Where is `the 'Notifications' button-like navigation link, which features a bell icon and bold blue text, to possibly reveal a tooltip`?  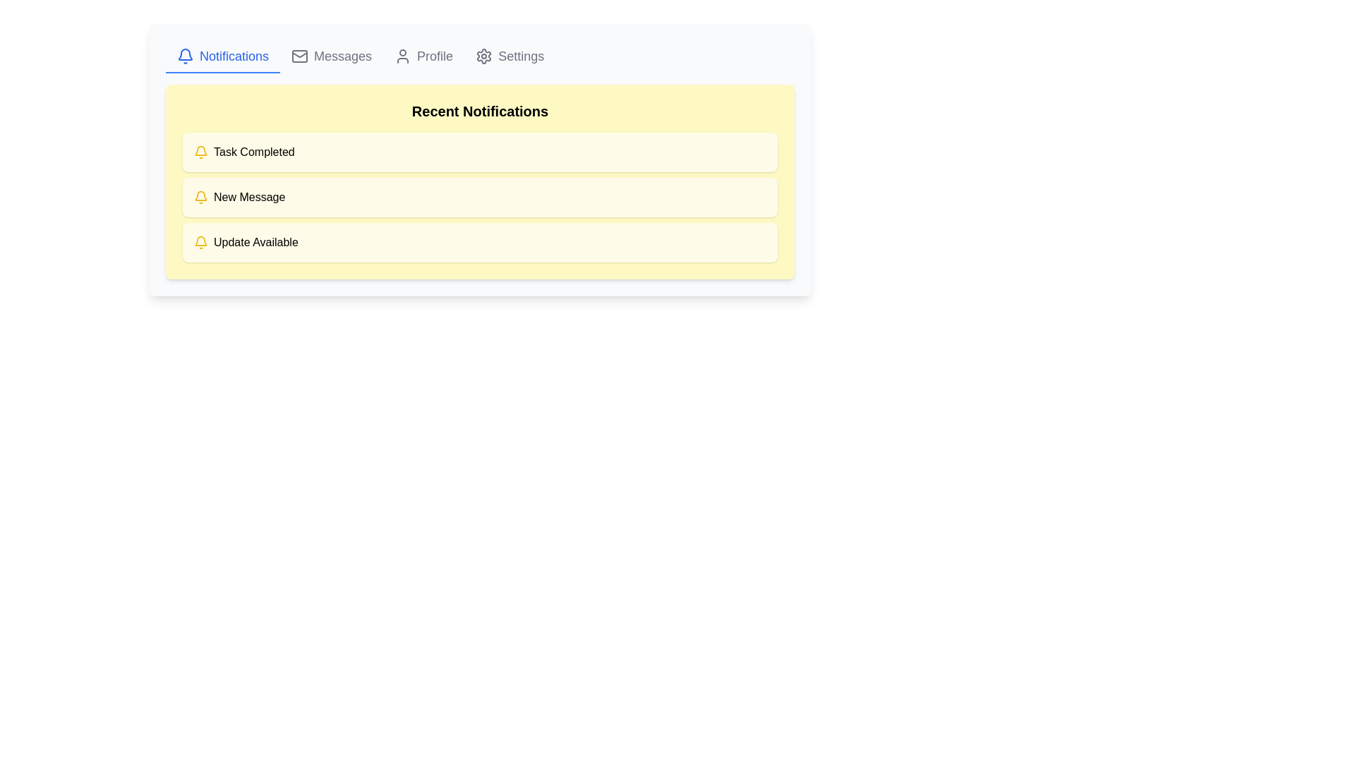
the 'Notifications' button-like navigation link, which features a bell icon and bold blue text, to possibly reveal a tooltip is located at coordinates (222, 56).